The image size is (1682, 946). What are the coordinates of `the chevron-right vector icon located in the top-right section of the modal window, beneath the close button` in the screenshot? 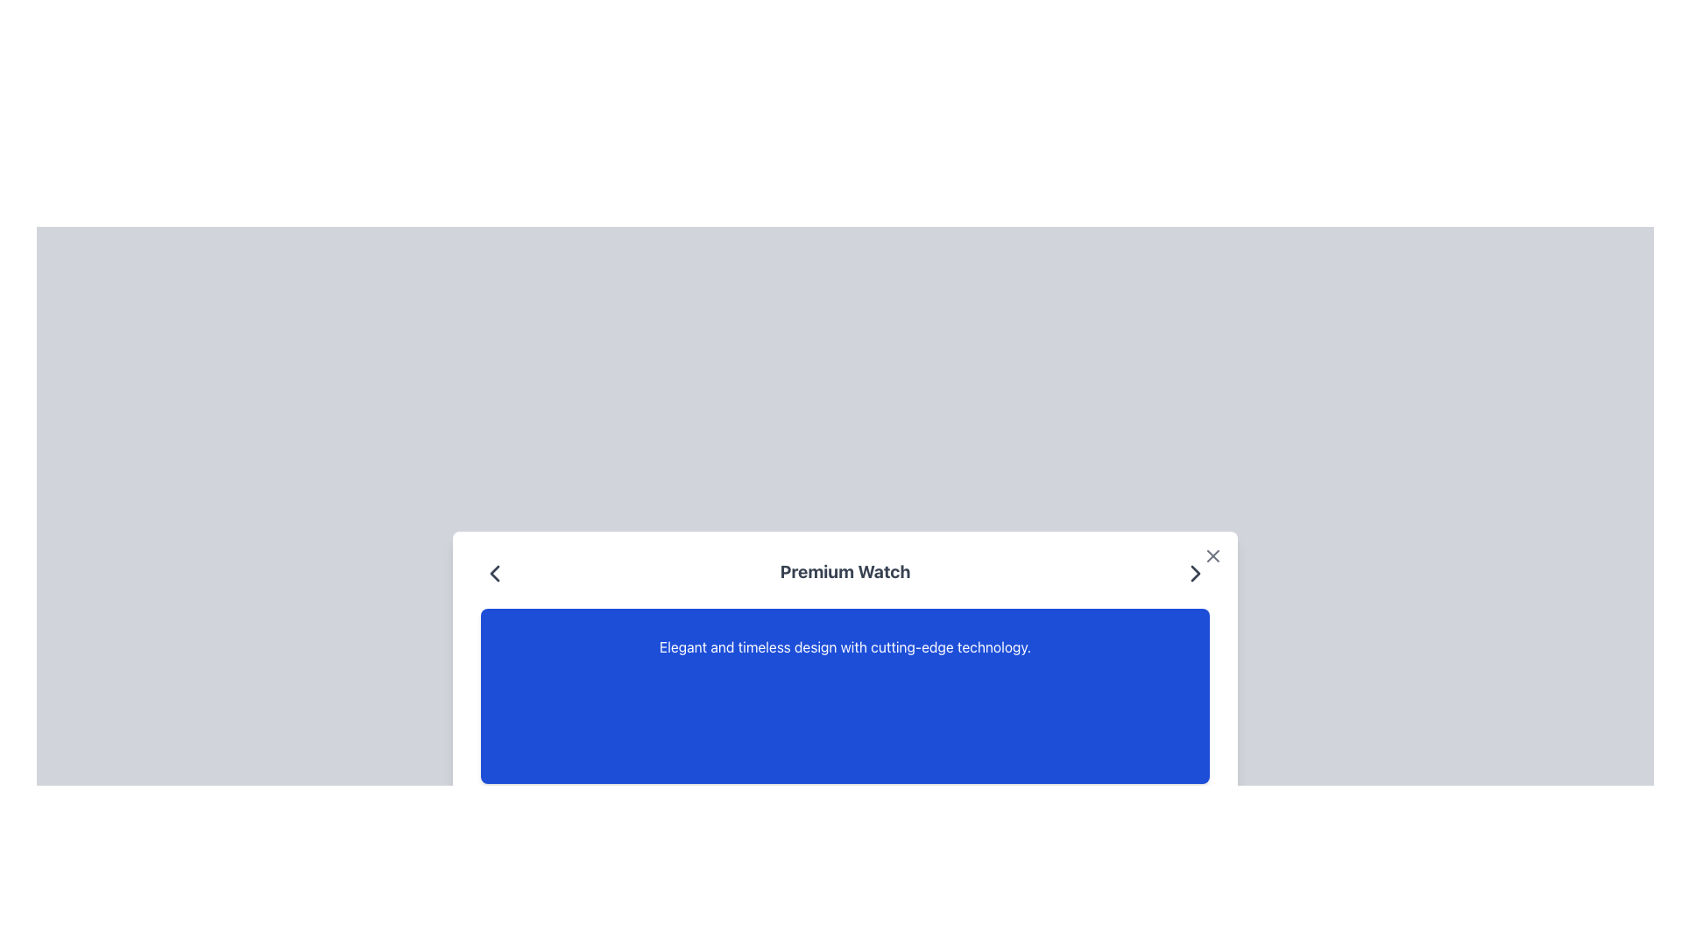 It's located at (1194, 574).